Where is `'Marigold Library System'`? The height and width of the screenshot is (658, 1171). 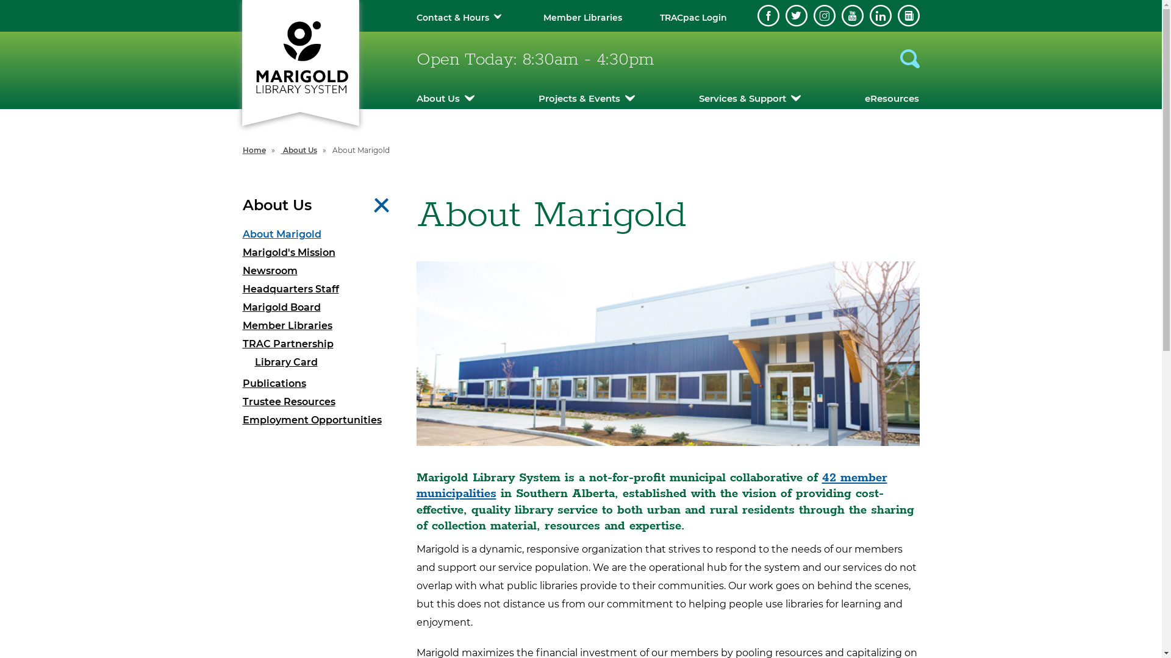
'Marigold Library System' is located at coordinates (299, 56).